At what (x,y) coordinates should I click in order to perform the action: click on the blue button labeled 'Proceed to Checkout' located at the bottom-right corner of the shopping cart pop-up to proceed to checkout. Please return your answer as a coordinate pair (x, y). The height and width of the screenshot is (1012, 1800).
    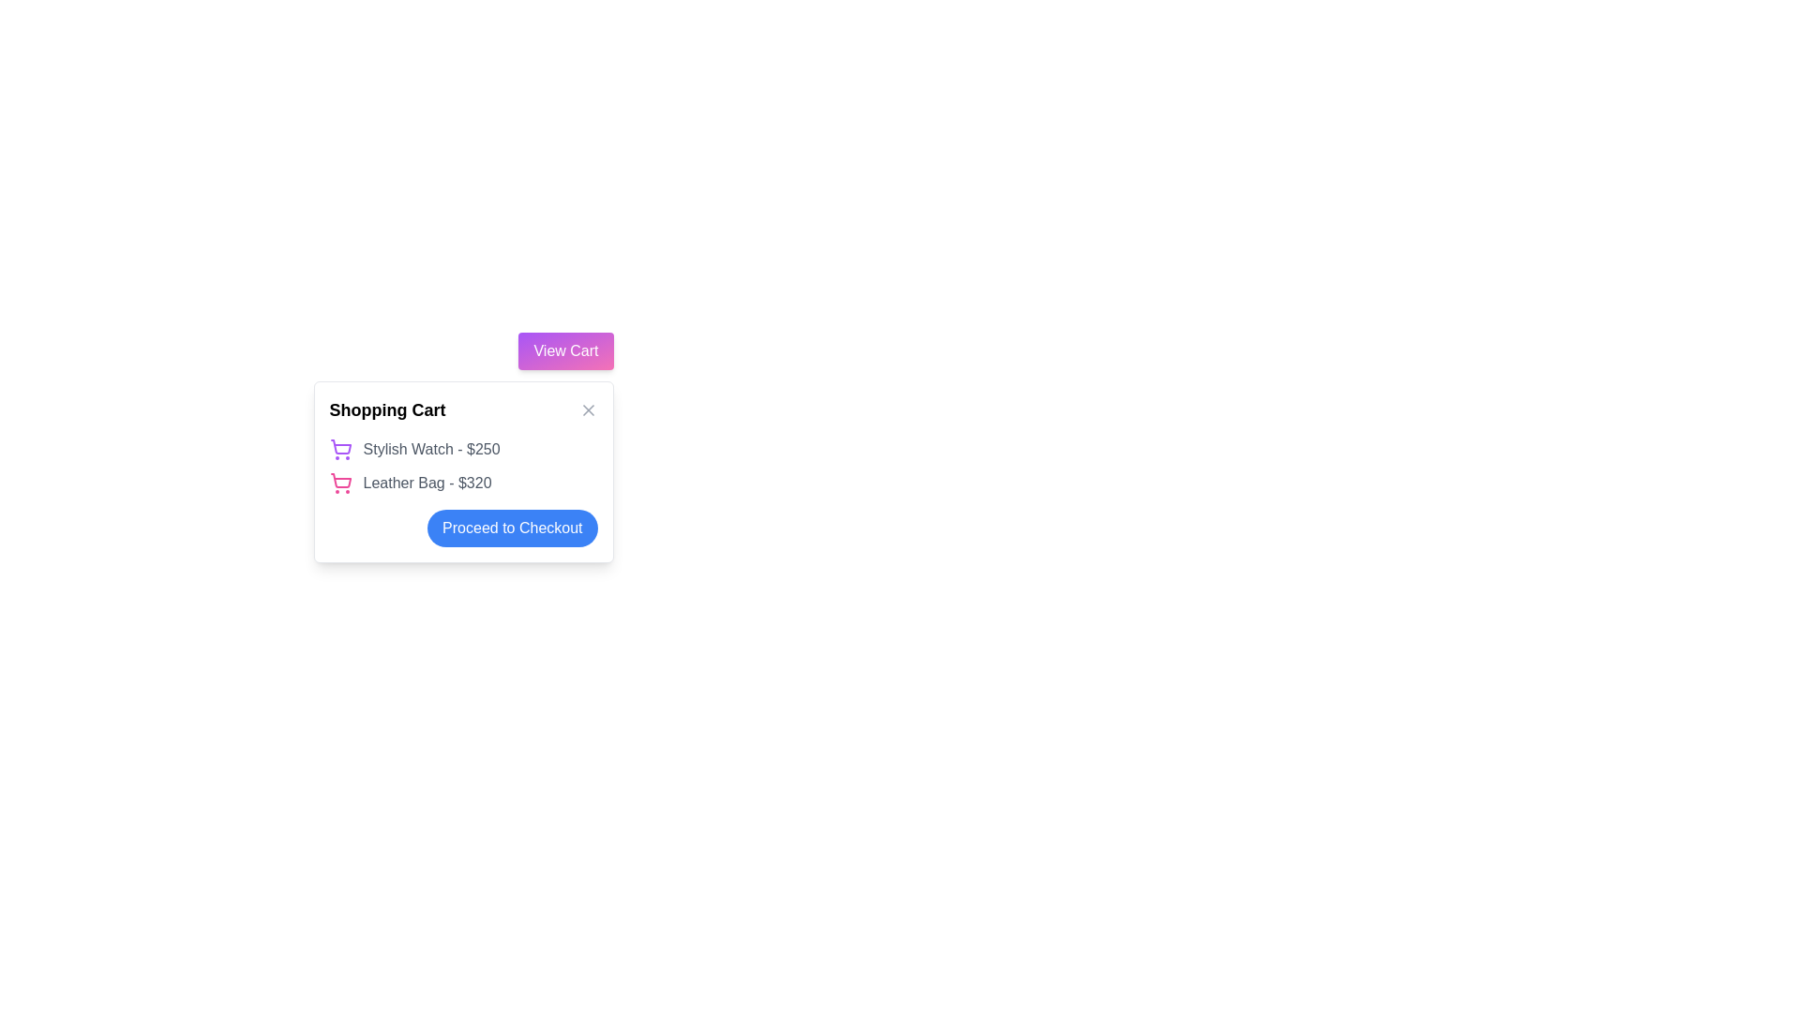
    Looking at the image, I should click on (463, 528).